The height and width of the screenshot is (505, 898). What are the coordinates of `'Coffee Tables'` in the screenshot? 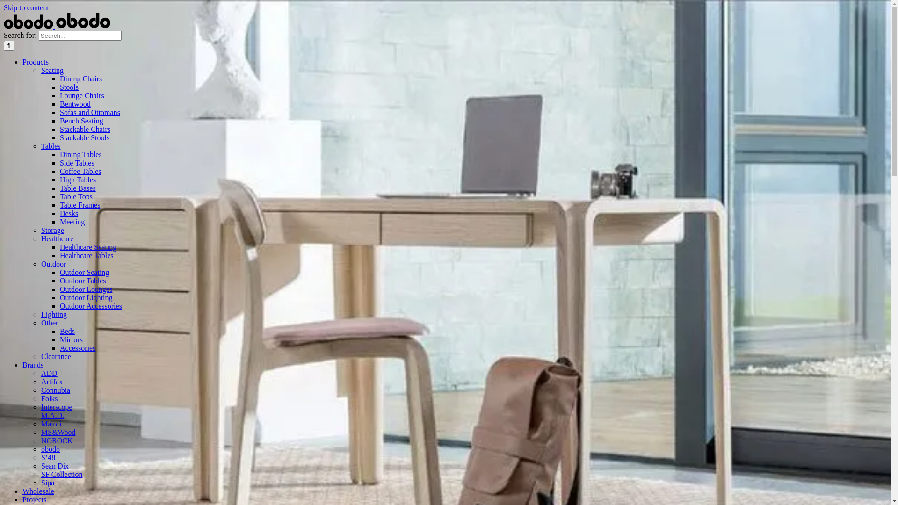 It's located at (80, 171).